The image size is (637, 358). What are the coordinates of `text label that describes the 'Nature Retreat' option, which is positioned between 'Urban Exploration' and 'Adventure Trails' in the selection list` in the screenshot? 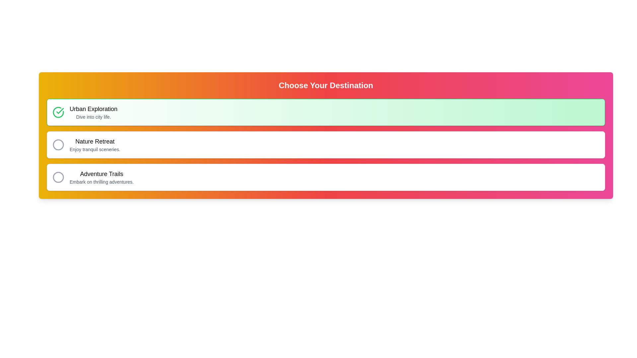 It's located at (95, 144).